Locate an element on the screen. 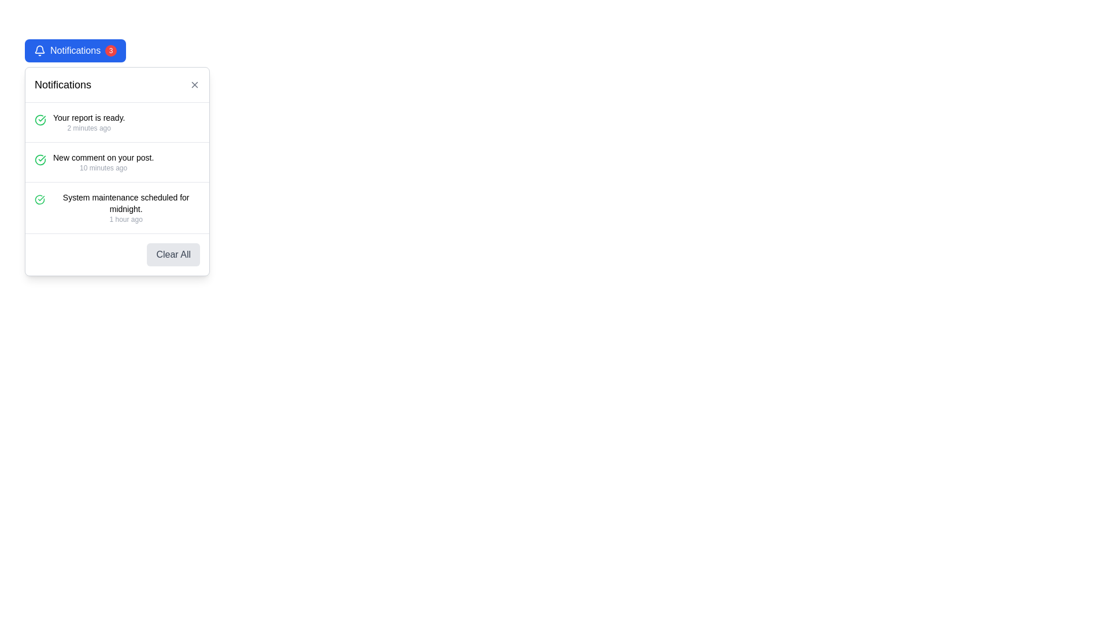 Image resolution: width=1110 pixels, height=624 pixels. the text label displaying 'New comment on your post.' located in the notifications panel, positioned above the timestamp '10 minutes ago' is located at coordinates (103, 158).